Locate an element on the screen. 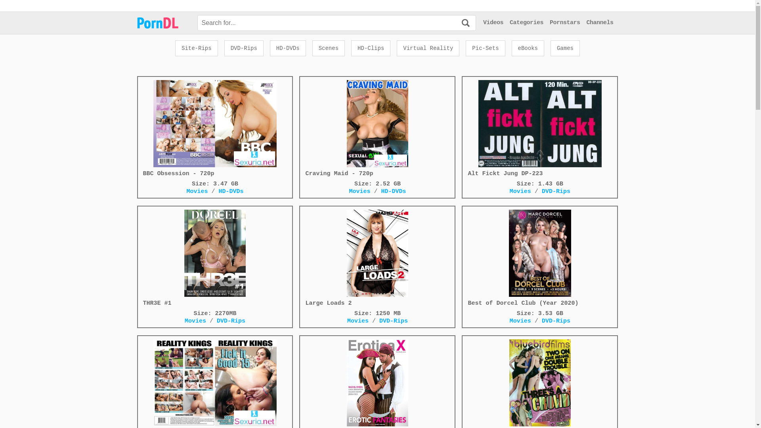 The height and width of the screenshot is (428, 761). 'DVD-Rips' is located at coordinates (243, 48).